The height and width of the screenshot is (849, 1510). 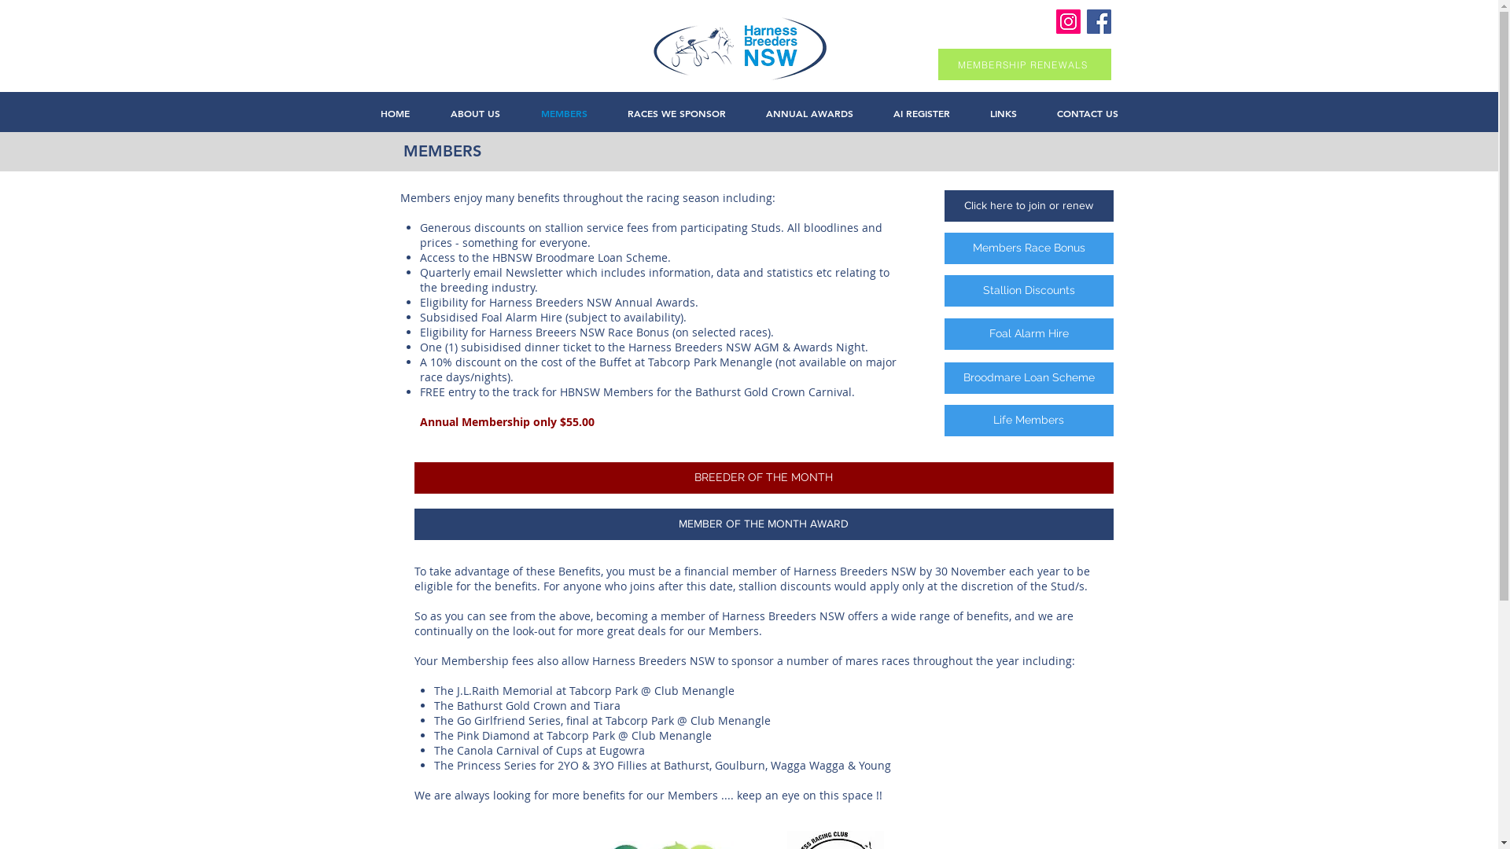 I want to click on 'MEMBERSHIP RENEWALS', so click(x=937, y=63).